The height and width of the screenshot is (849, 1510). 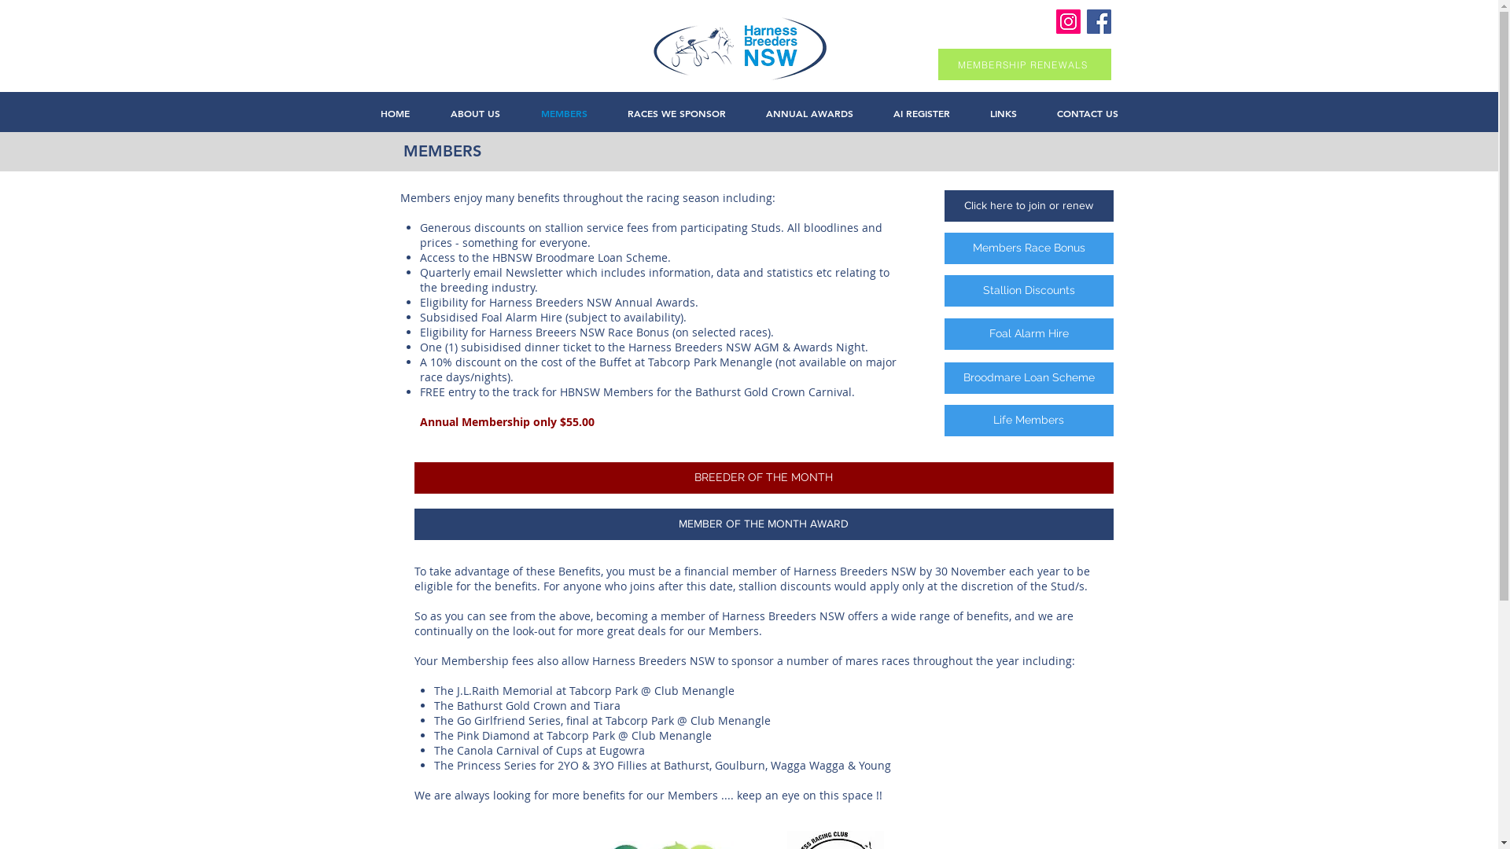 I want to click on 'MEMBERSHIP RENEWALS', so click(x=937, y=63).